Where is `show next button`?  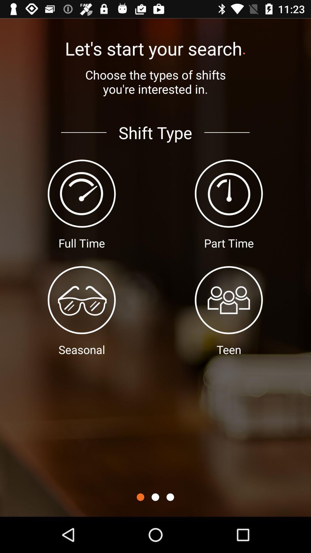 show next button is located at coordinates (170, 497).